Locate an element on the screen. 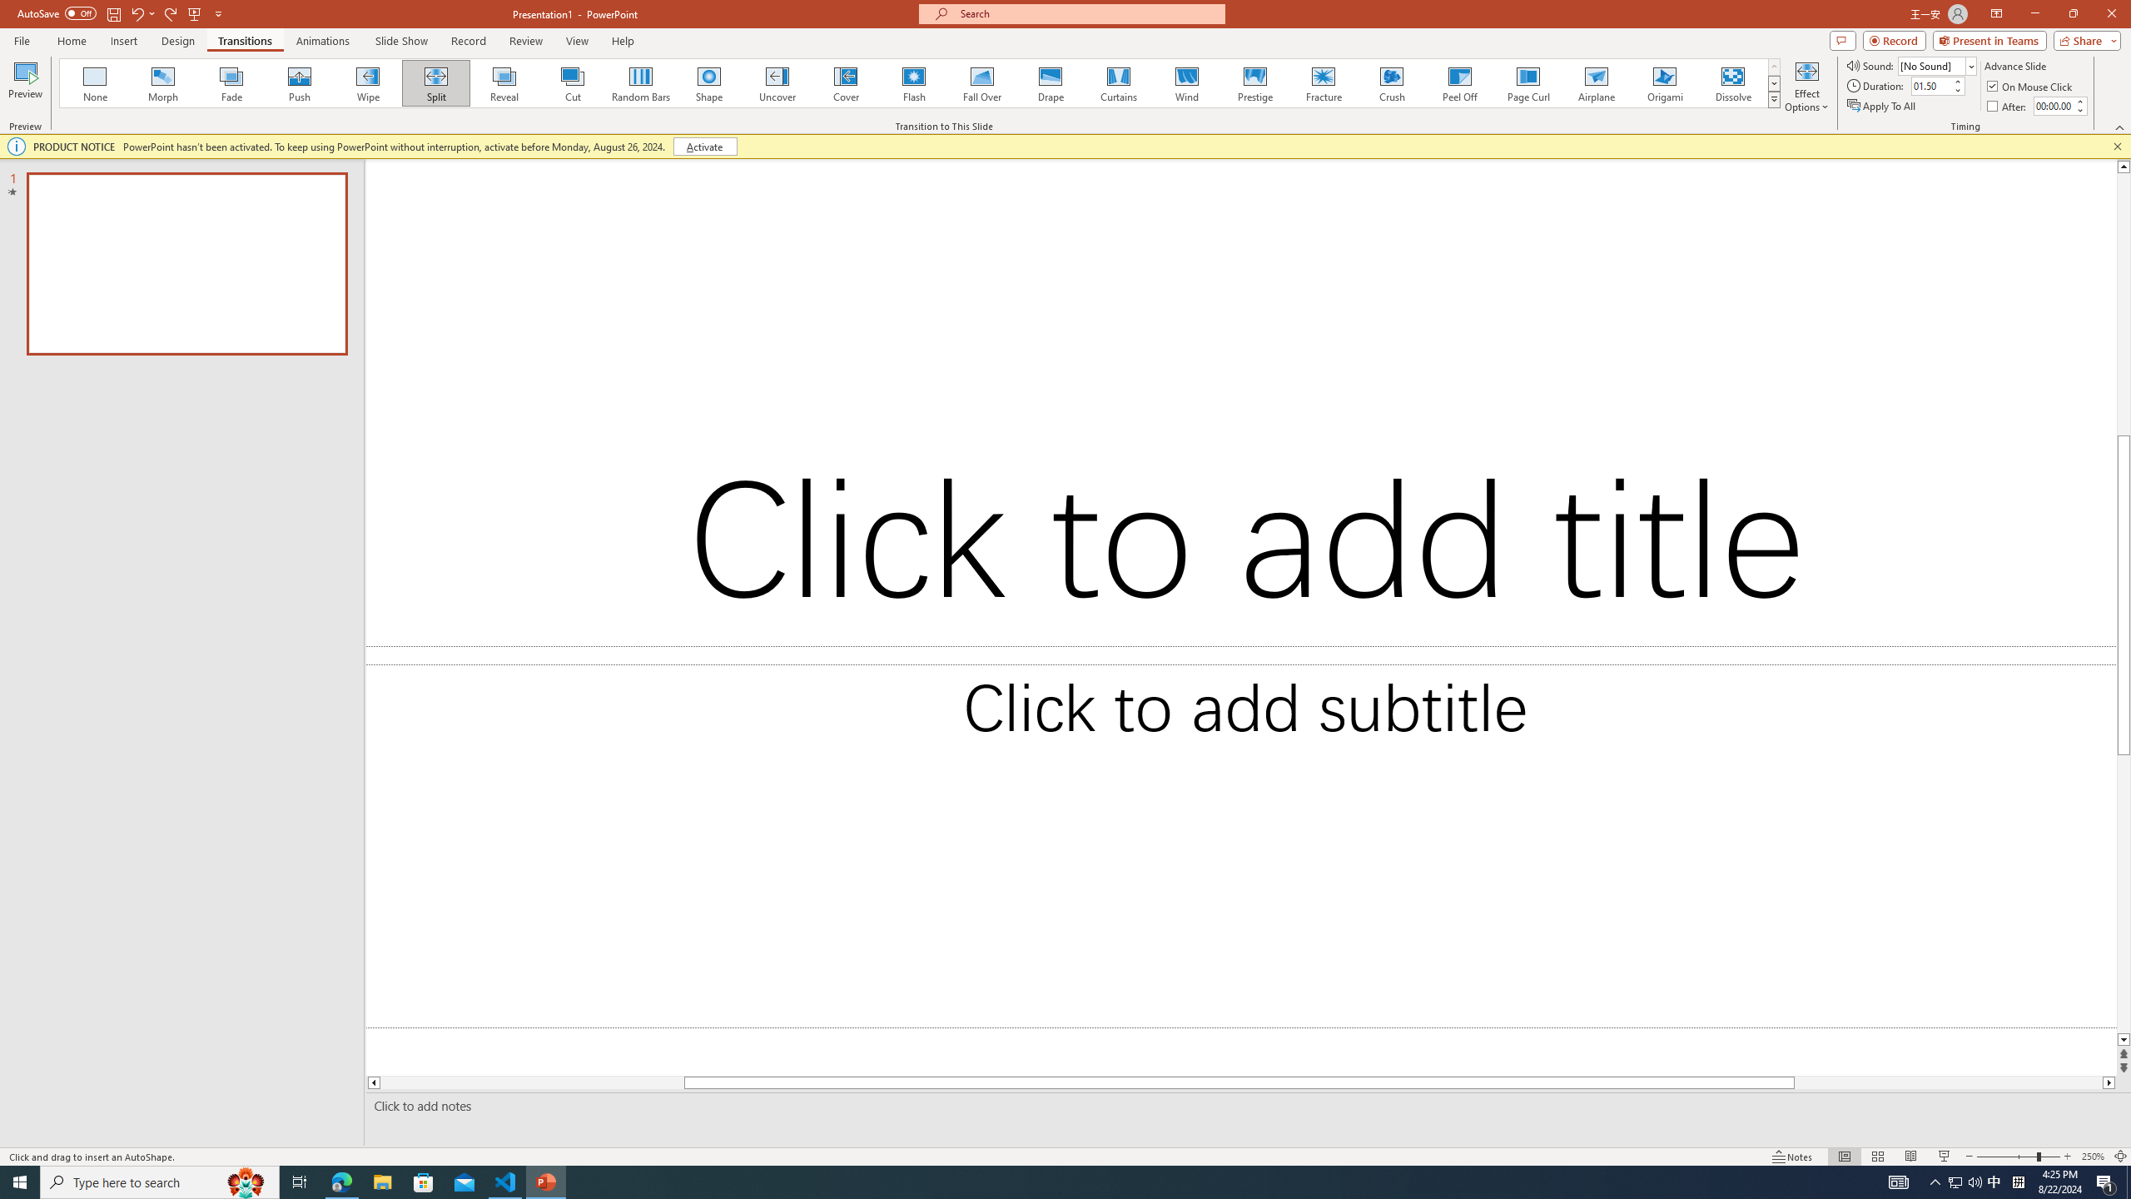 The height and width of the screenshot is (1199, 2131). 'On Mouse Click' is located at coordinates (2029, 86).